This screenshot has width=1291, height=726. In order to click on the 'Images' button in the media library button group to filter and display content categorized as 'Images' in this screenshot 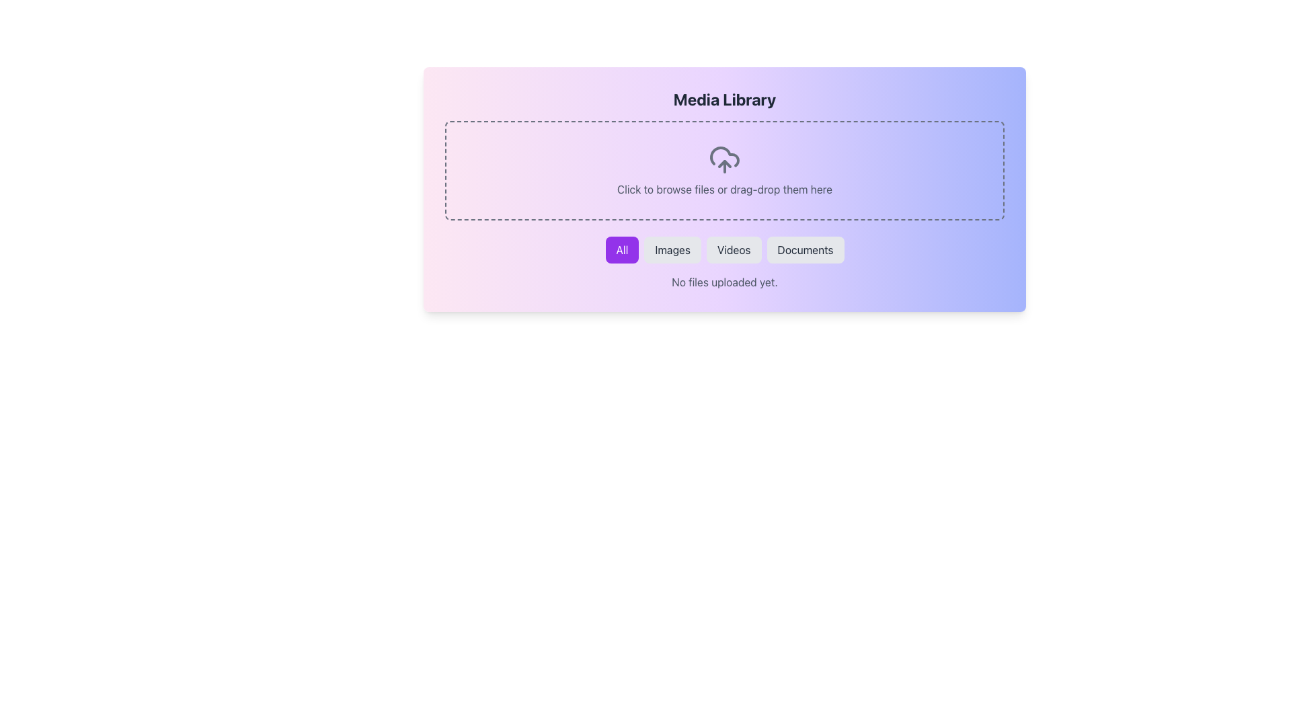, I will do `click(672, 249)`.